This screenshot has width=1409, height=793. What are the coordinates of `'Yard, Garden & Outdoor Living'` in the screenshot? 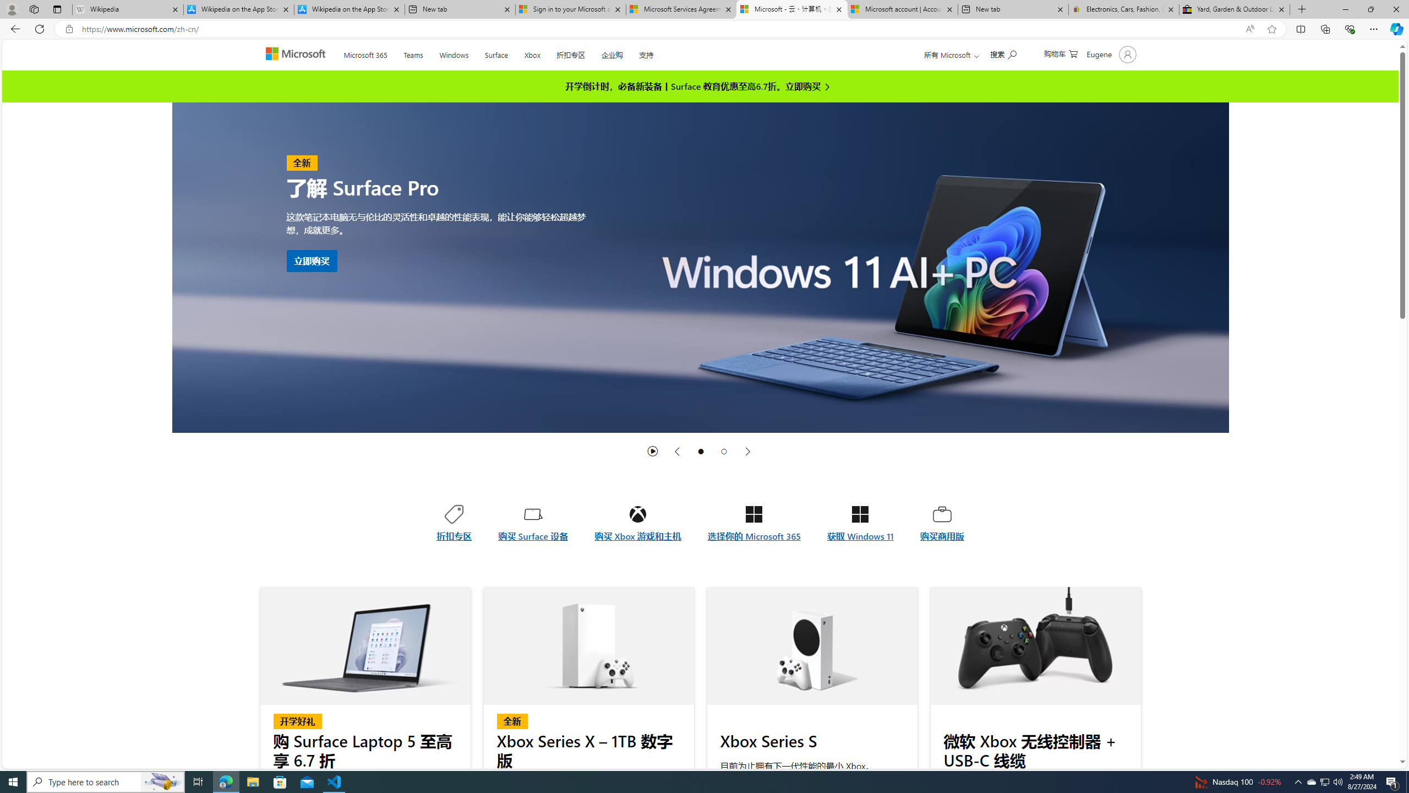 It's located at (1234, 9).